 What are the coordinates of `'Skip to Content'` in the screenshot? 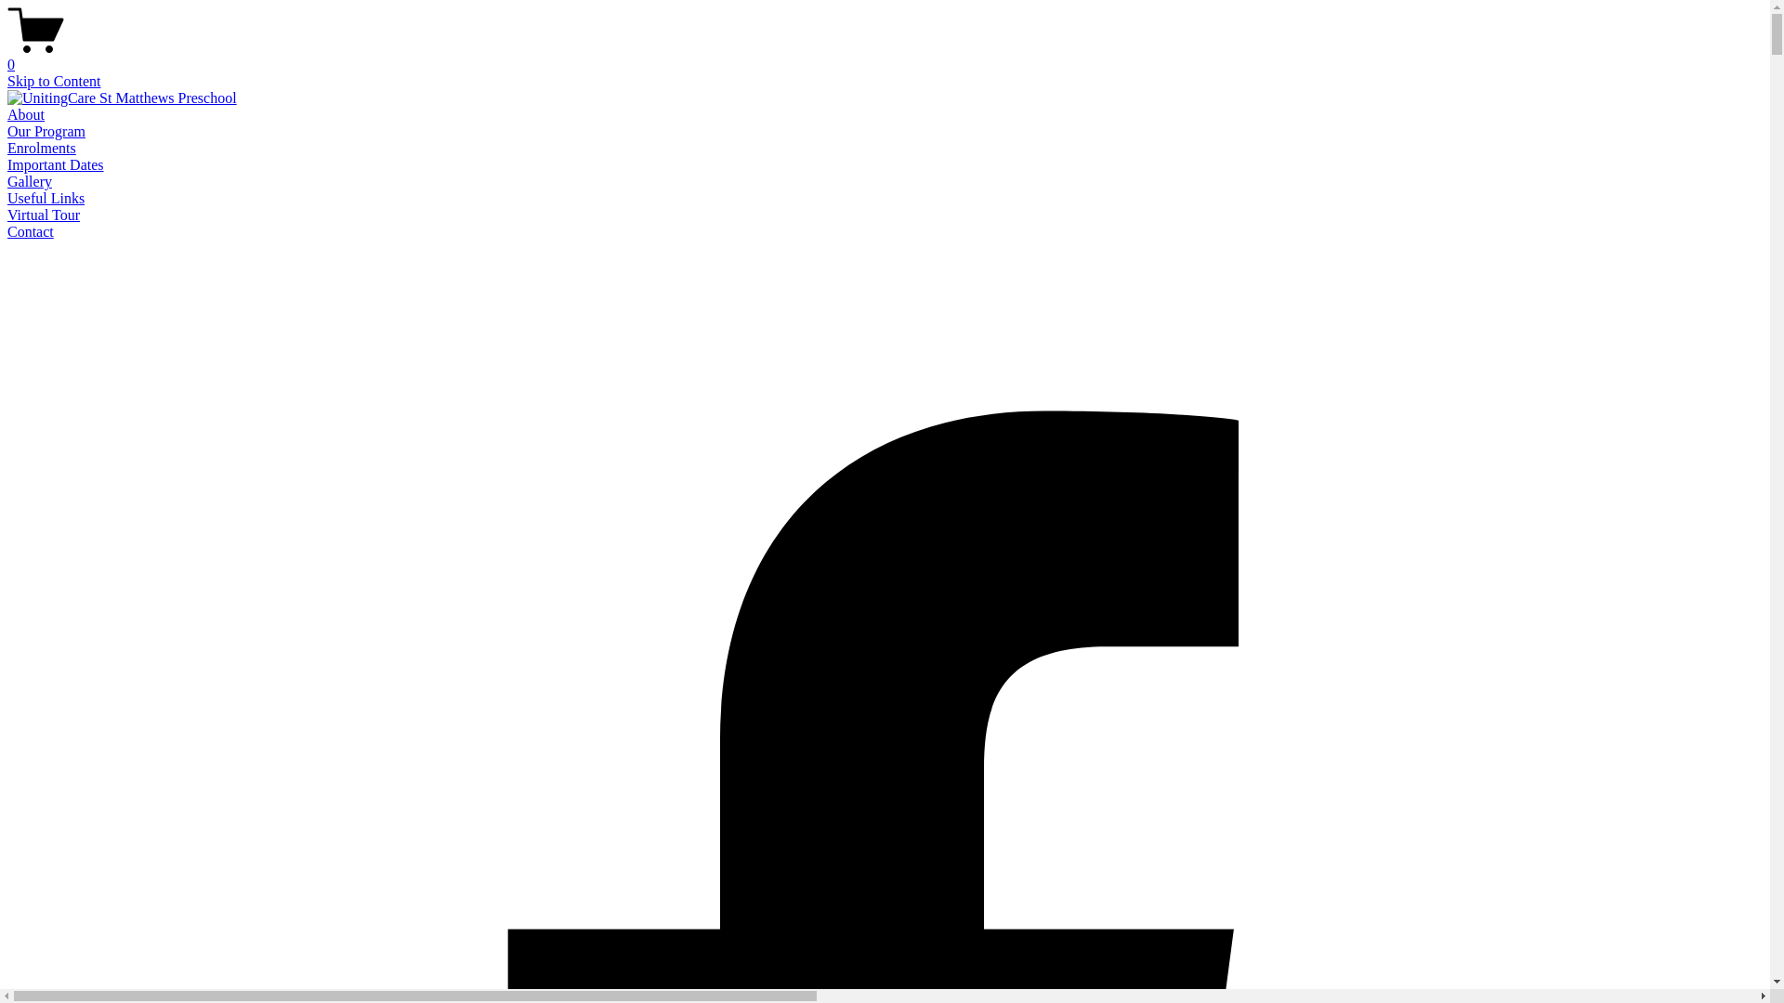 It's located at (53, 80).